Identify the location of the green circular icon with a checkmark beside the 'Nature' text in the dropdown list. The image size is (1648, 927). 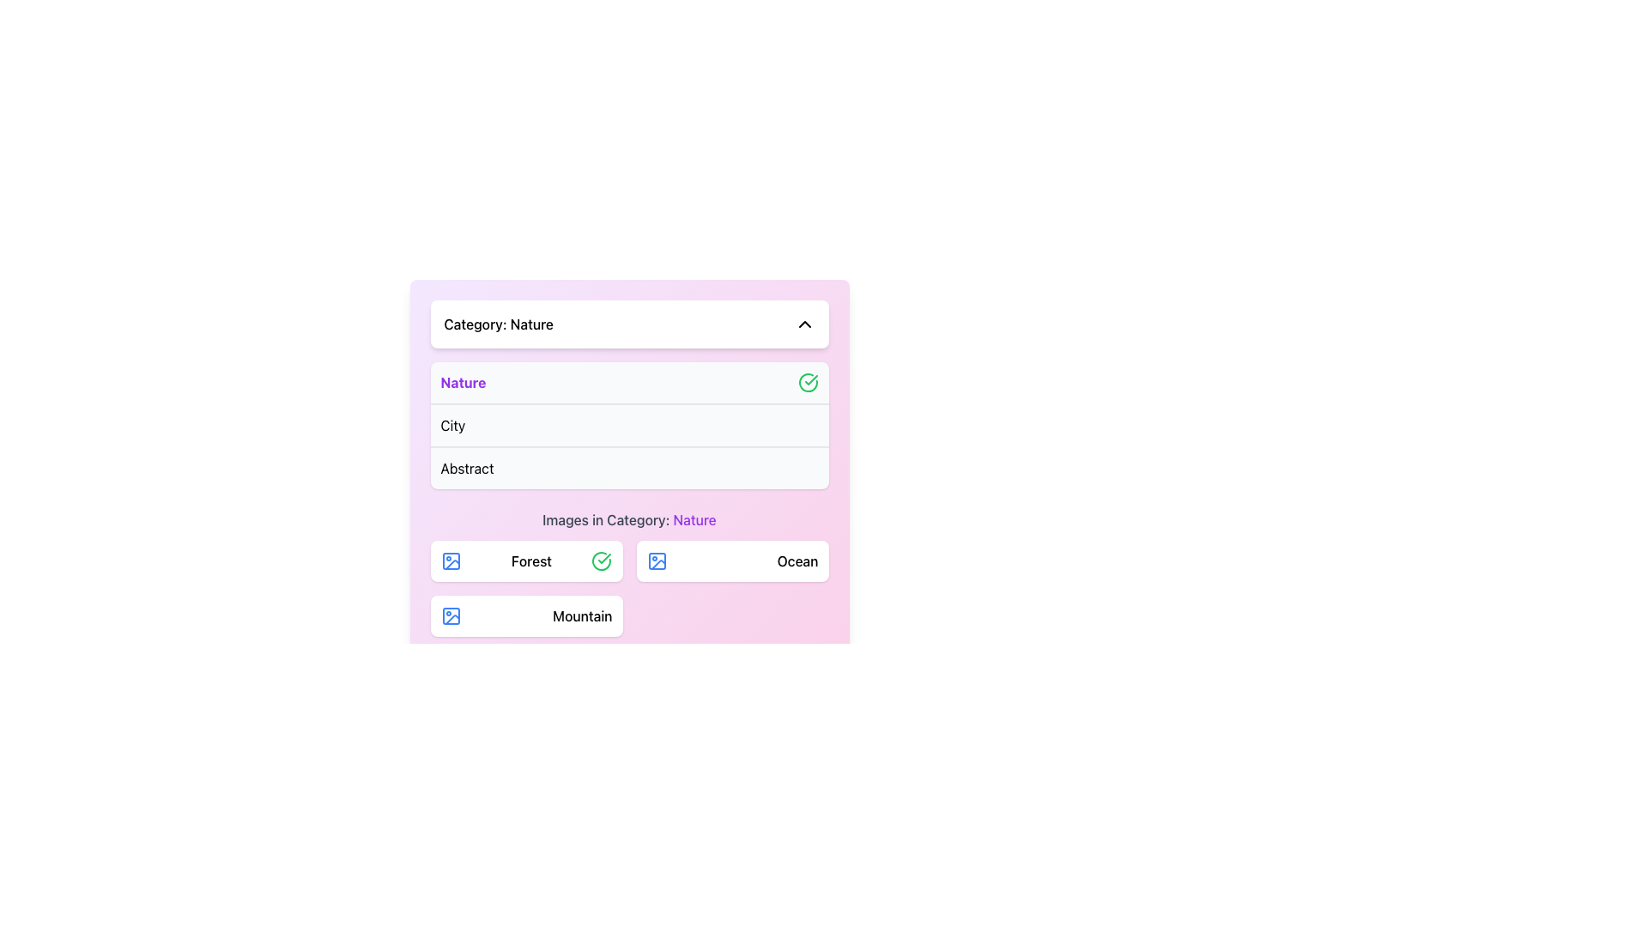
(807, 382).